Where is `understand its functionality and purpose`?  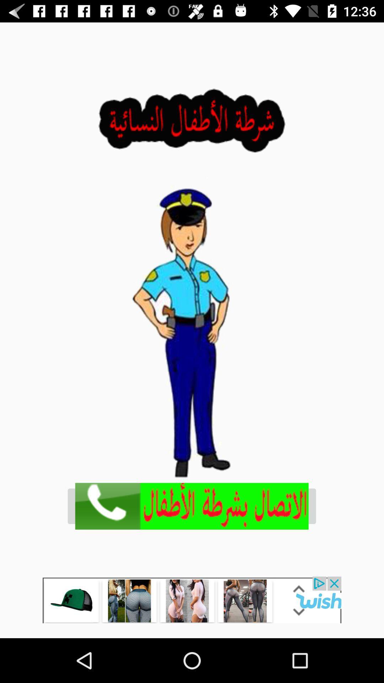
understand its functionality and purpose is located at coordinates (192, 599).